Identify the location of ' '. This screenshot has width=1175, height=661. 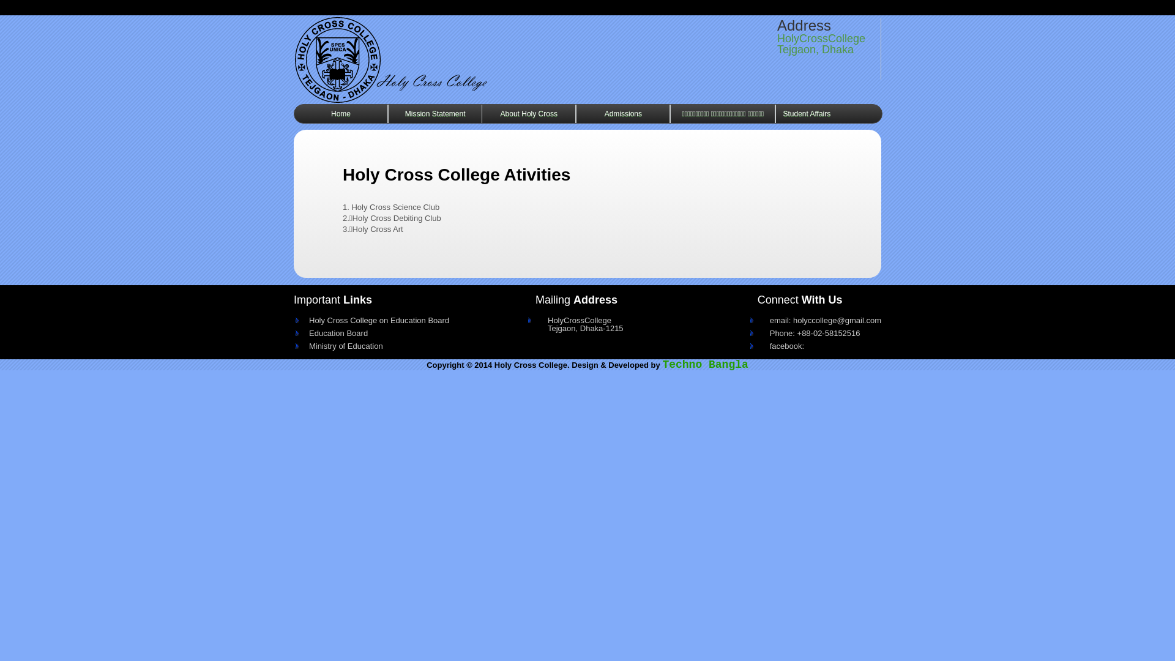
(294, 59).